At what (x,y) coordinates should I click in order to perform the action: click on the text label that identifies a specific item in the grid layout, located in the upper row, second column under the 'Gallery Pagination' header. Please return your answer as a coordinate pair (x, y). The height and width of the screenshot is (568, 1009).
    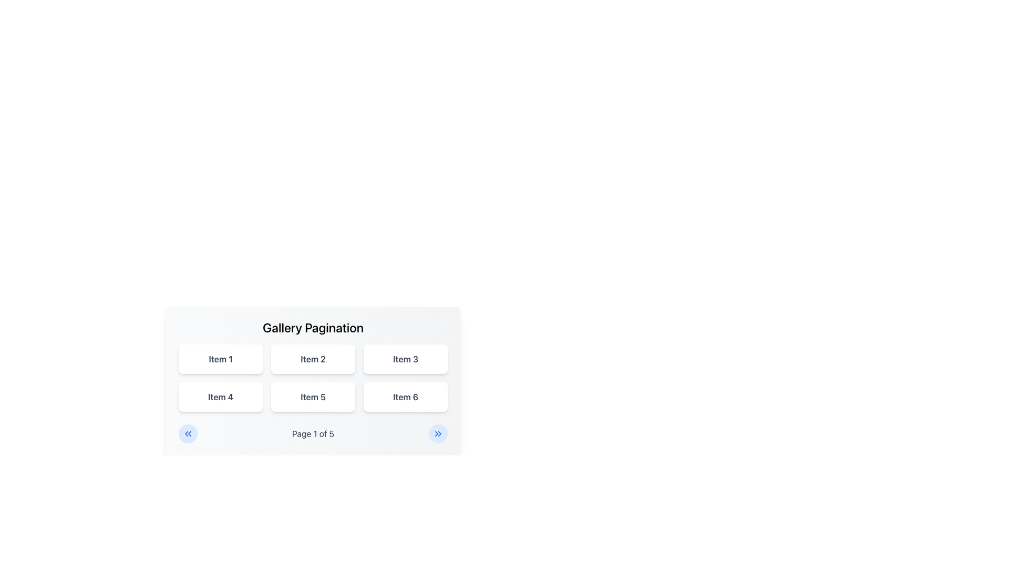
    Looking at the image, I should click on (312, 358).